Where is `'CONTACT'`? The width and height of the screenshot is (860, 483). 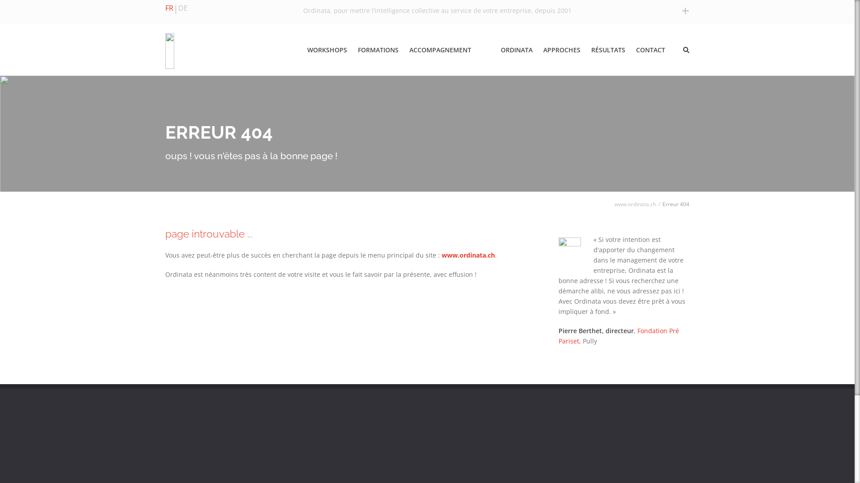 'CONTACT' is located at coordinates (652, 50).